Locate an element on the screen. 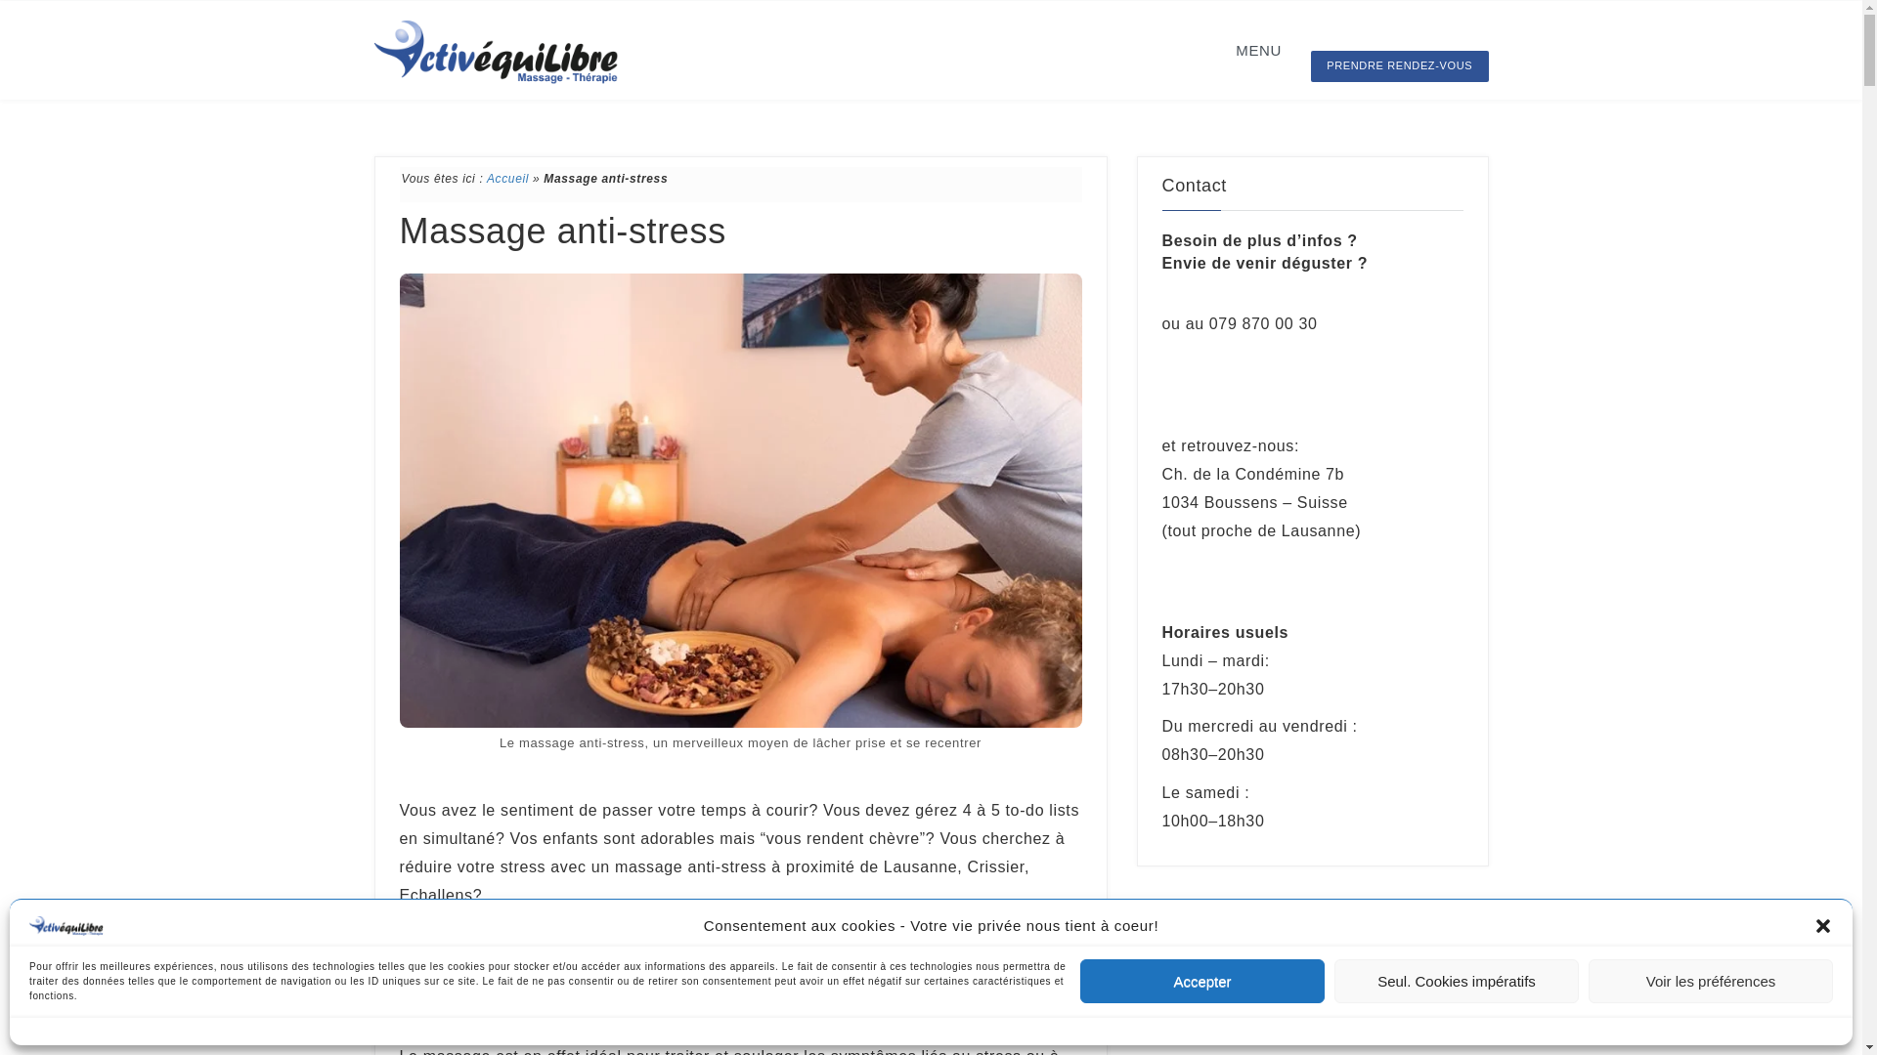  'Accepter' is located at coordinates (1200, 981).